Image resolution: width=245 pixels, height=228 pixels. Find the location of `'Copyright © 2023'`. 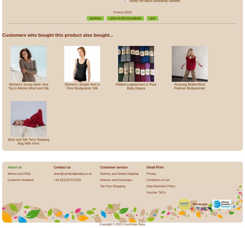

'Copyright © 2023' is located at coordinates (99, 223).